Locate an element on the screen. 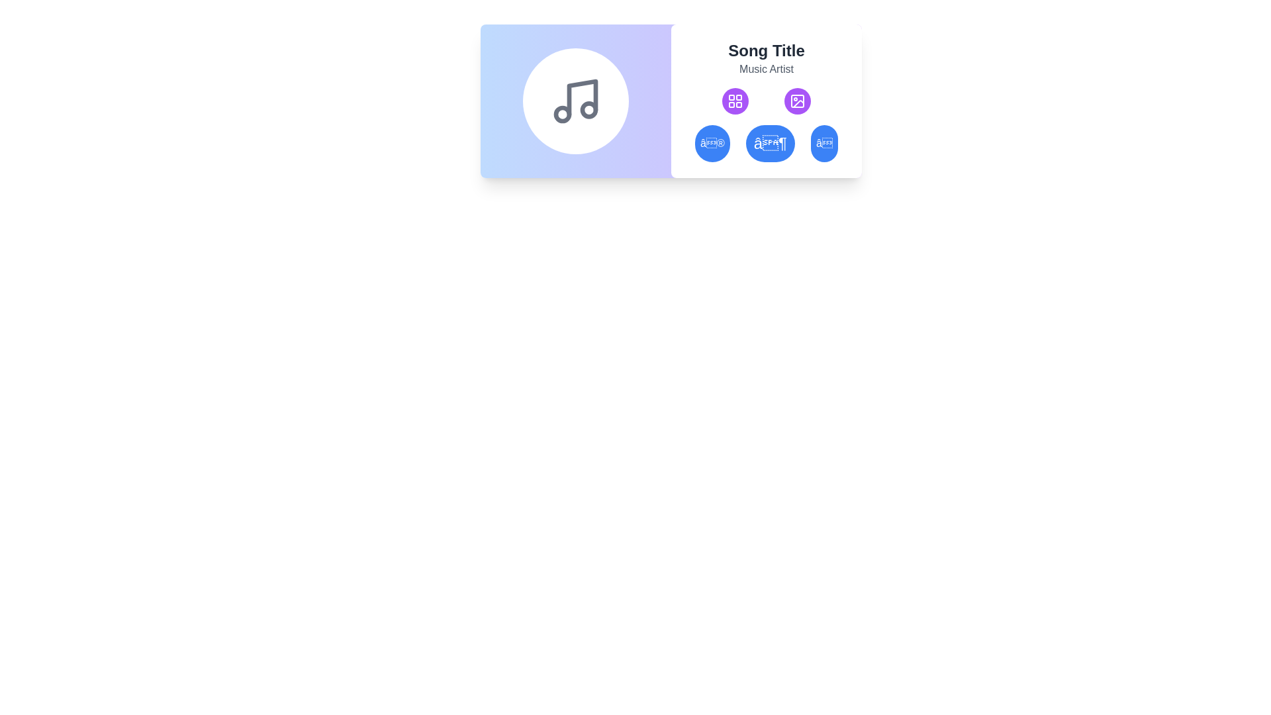 Image resolution: width=1271 pixels, height=715 pixels. the first button in a horizontal layout that triggers an action or navigation when interacted with is located at coordinates (712, 143).